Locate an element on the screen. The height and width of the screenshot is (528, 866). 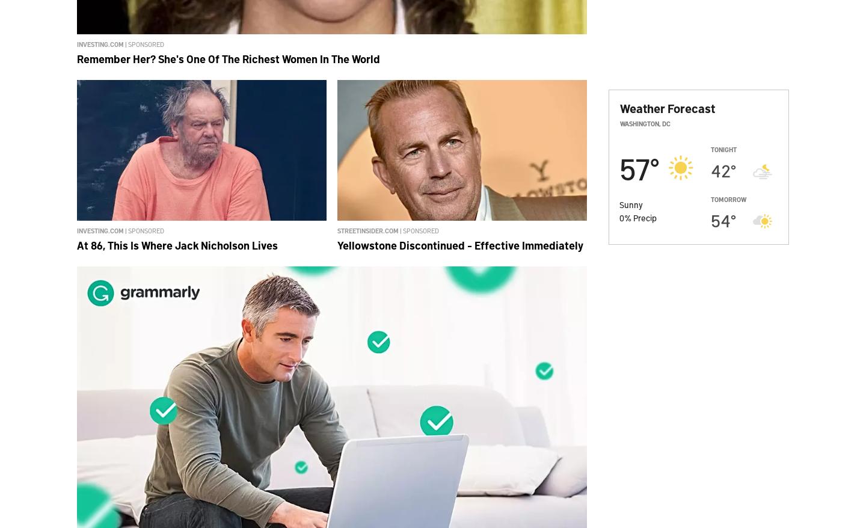
'Tomorrow' is located at coordinates (728, 199).